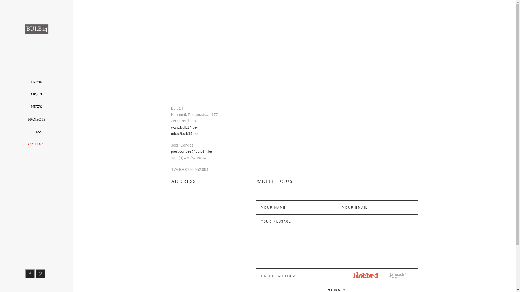  What do you see at coordinates (191, 151) in the screenshot?
I see `'joeri.condes@bulb14.be'` at bounding box center [191, 151].